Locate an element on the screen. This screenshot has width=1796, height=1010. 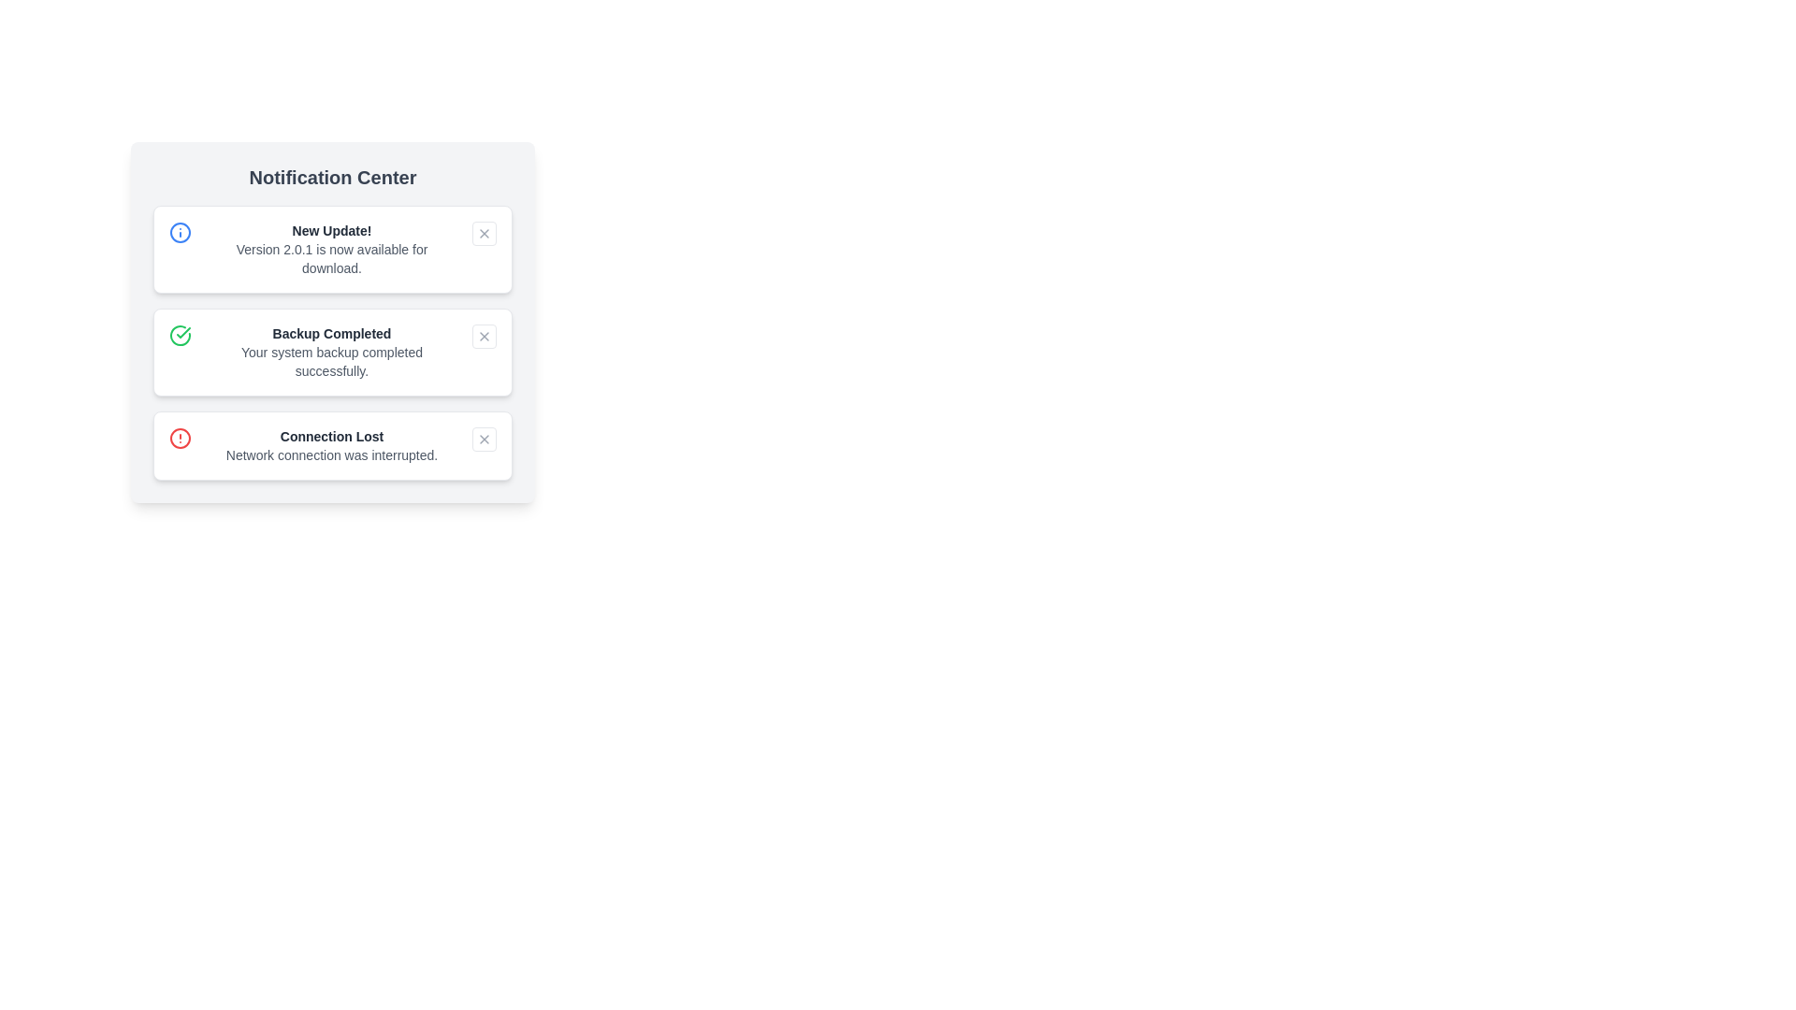
the close icon (cross icon) located at the top-right corner of the first notification card in the Notification Center is located at coordinates (485, 233).